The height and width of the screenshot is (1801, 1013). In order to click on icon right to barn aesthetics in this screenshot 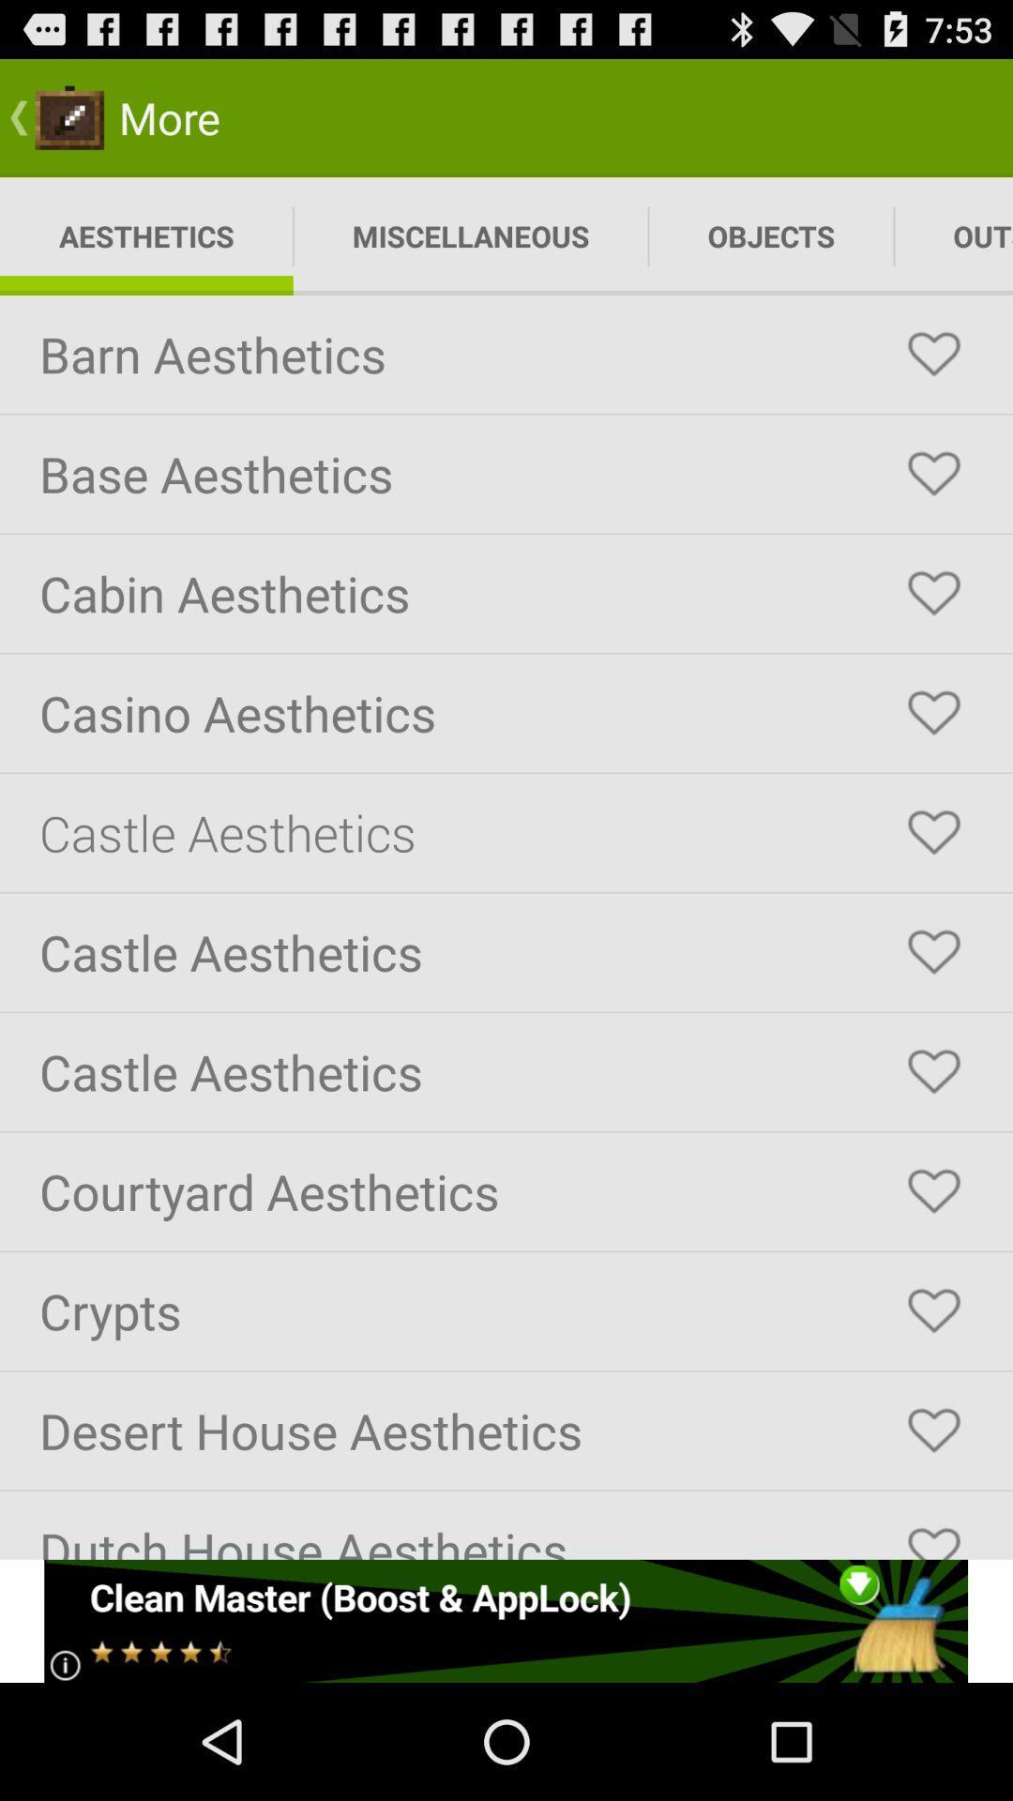, I will do `click(933, 355)`.